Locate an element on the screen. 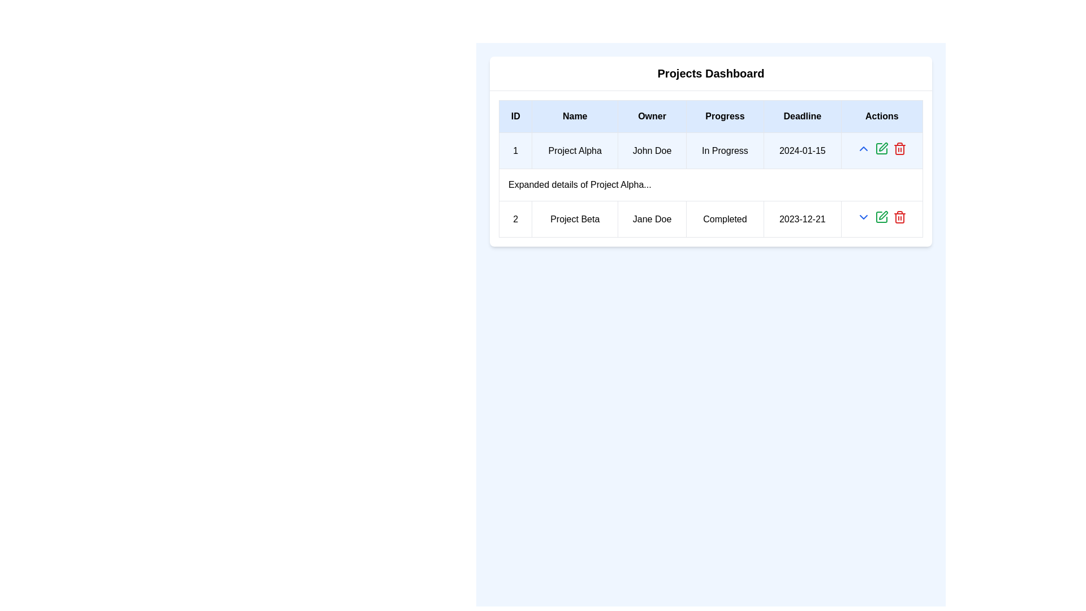 Image resolution: width=1086 pixels, height=611 pixels. the label displaying the project name located in the second row and second column of the table under the 'Name' column is located at coordinates (575, 219).